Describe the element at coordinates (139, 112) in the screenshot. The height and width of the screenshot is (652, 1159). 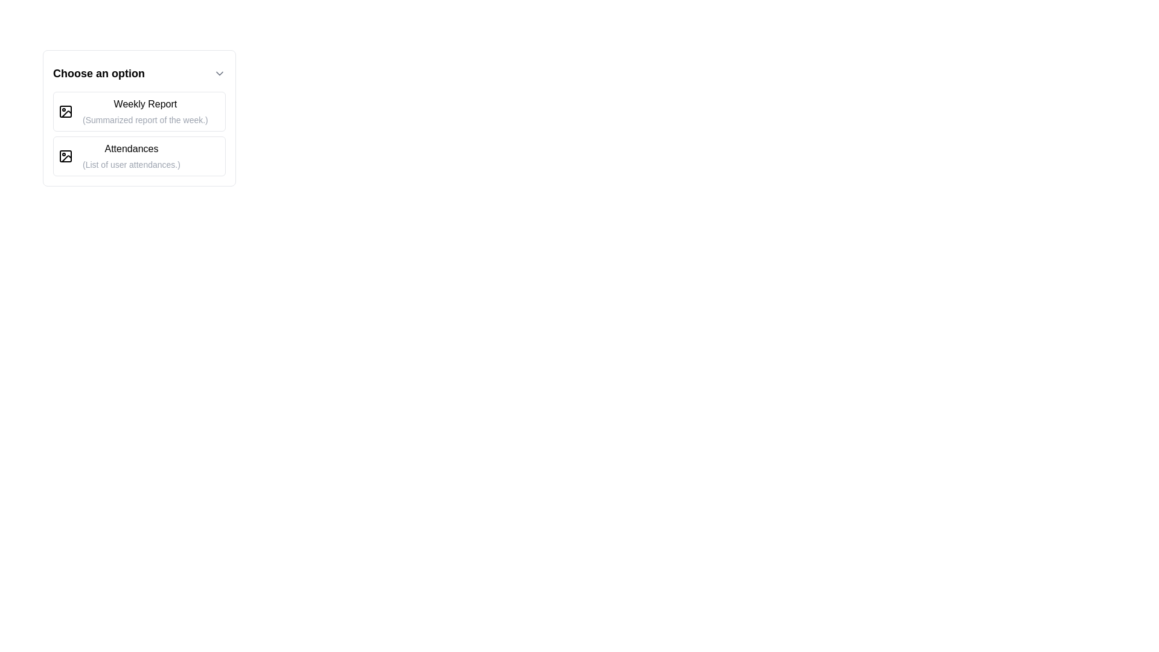
I see `the first selectable option representing a summarized weekly report` at that location.